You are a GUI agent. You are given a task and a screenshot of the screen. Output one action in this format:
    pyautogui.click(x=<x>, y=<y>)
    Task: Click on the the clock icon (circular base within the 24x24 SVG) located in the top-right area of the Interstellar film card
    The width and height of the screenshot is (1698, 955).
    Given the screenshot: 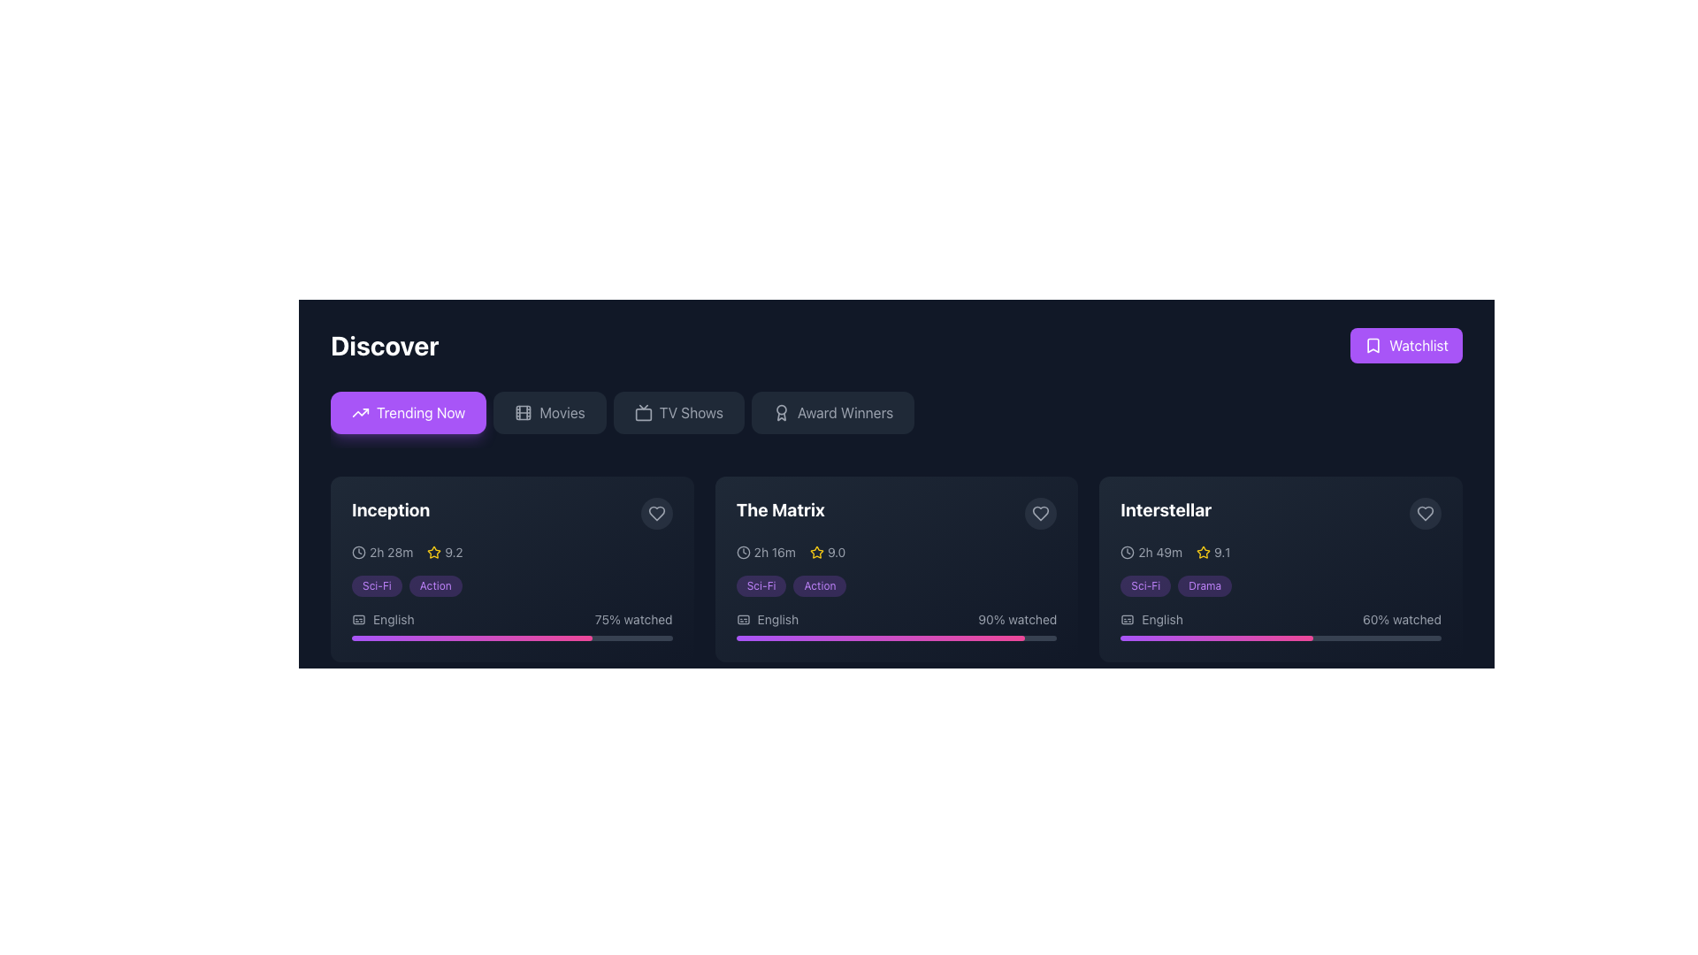 What is the action you would take?
    pyautogui.click(x=1127, y=551)
    